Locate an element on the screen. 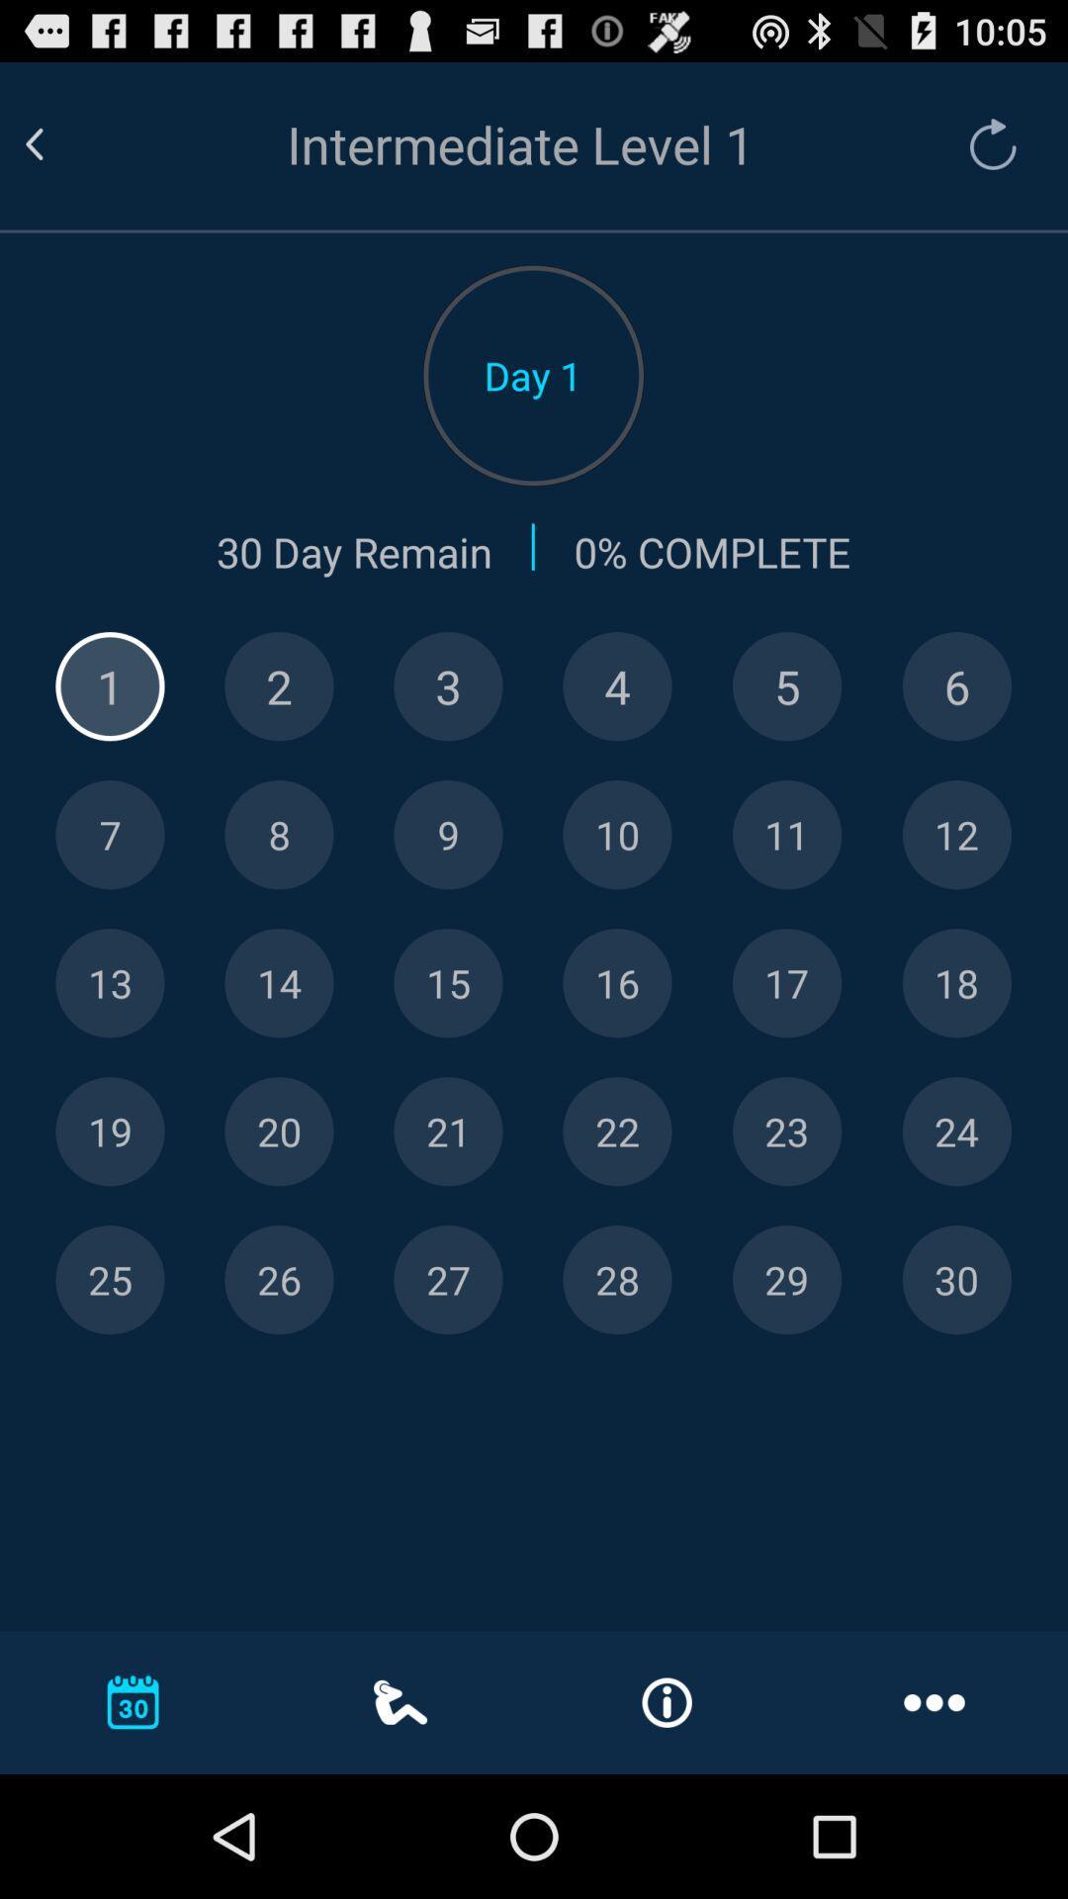 The height and width of the screenshot is (1899, 1068). nineteen is located at coordinates (110, 1131).